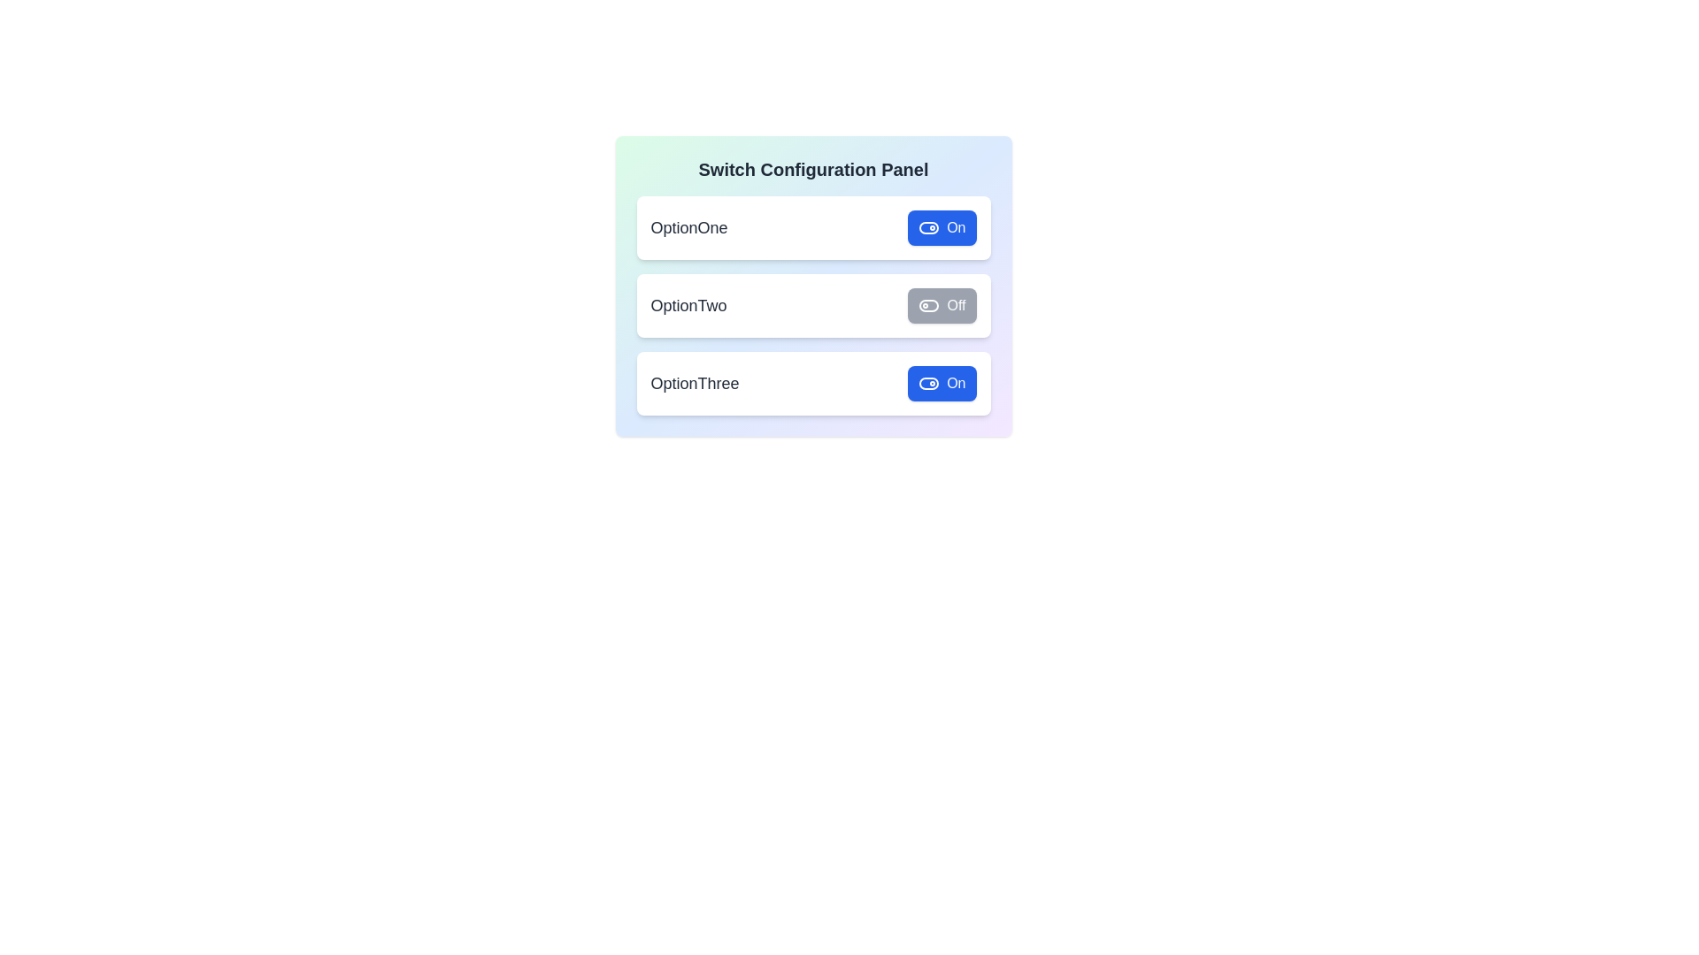  I want to click on the container to highlight it, so click(812, 286).